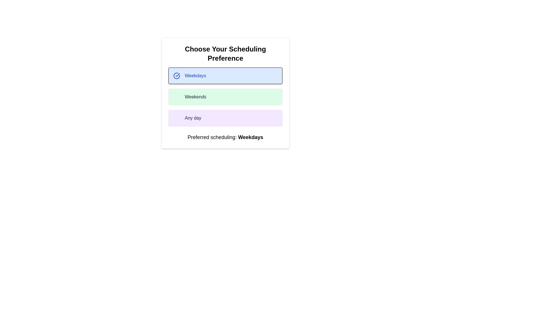 The image size is (550, 309). Describe the element at coordinates (176, 76) in the screenshot. I see `the selection indication icon for the 'Weekdays' scheduling option, located to the left of the text within the 'Weekdays' button` at that location.